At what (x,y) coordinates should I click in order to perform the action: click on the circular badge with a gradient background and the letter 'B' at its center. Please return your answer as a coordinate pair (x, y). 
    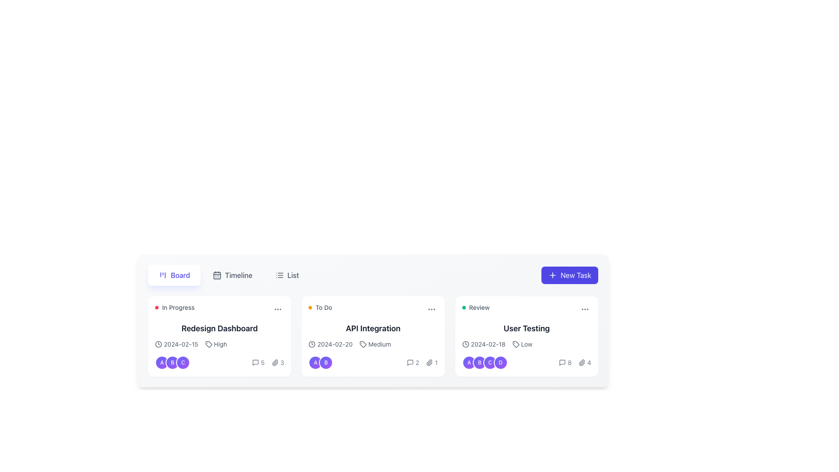
    Looking at the image, I should click on (172, 362).